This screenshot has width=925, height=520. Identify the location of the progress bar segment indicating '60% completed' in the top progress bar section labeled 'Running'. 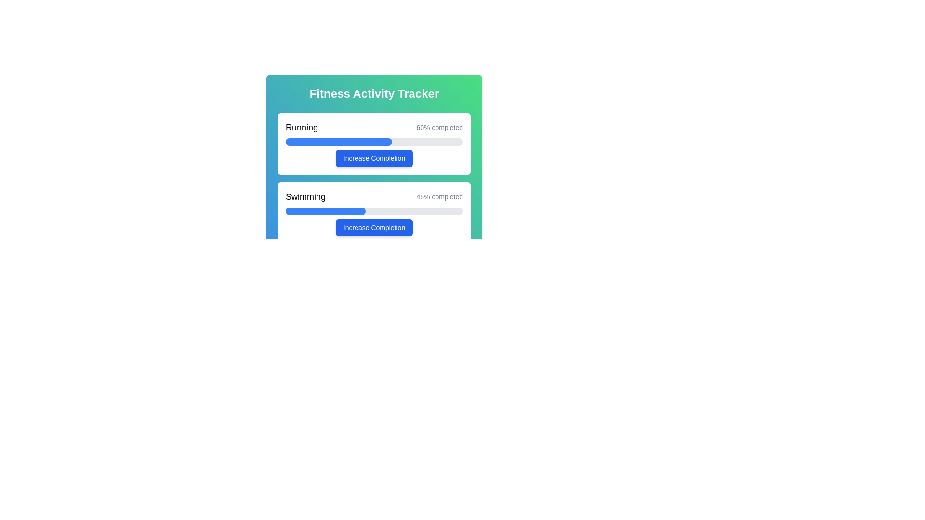
(339, 142).